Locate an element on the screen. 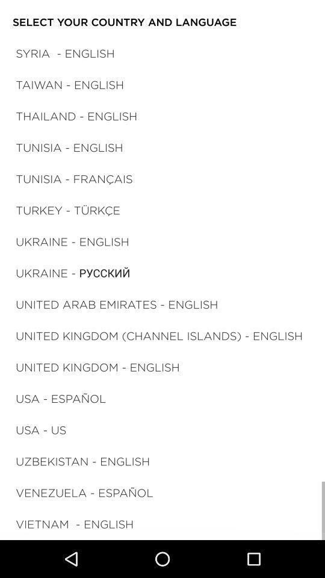 This screenshot has height=578, width=325. the taiwan - english icon is located at coordinates (70, 84).